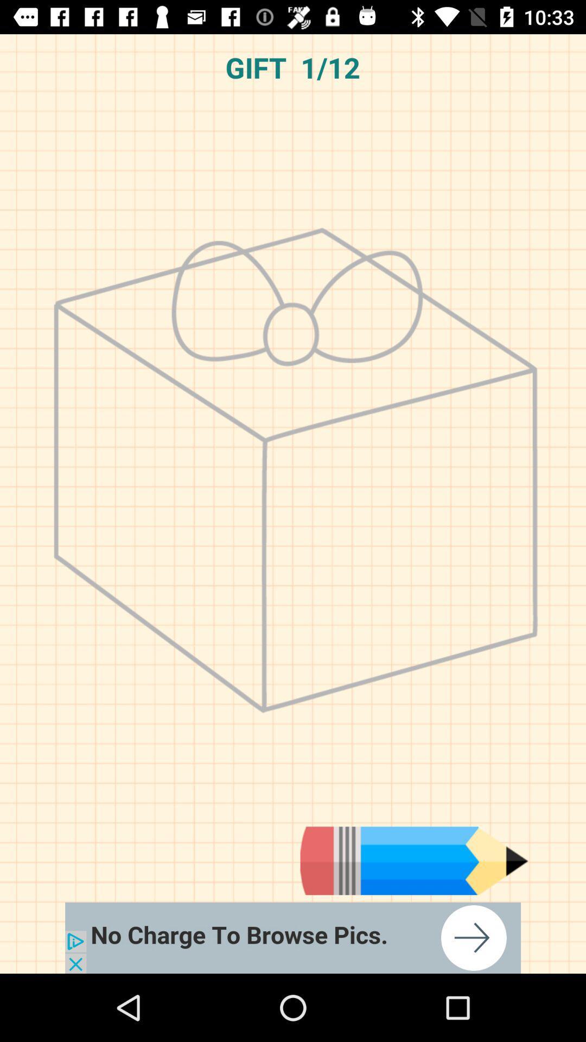  What do you see at coordinates (293, 937) in the screenshot?
I see `browse pics for free` at bounding box center [293, 937].